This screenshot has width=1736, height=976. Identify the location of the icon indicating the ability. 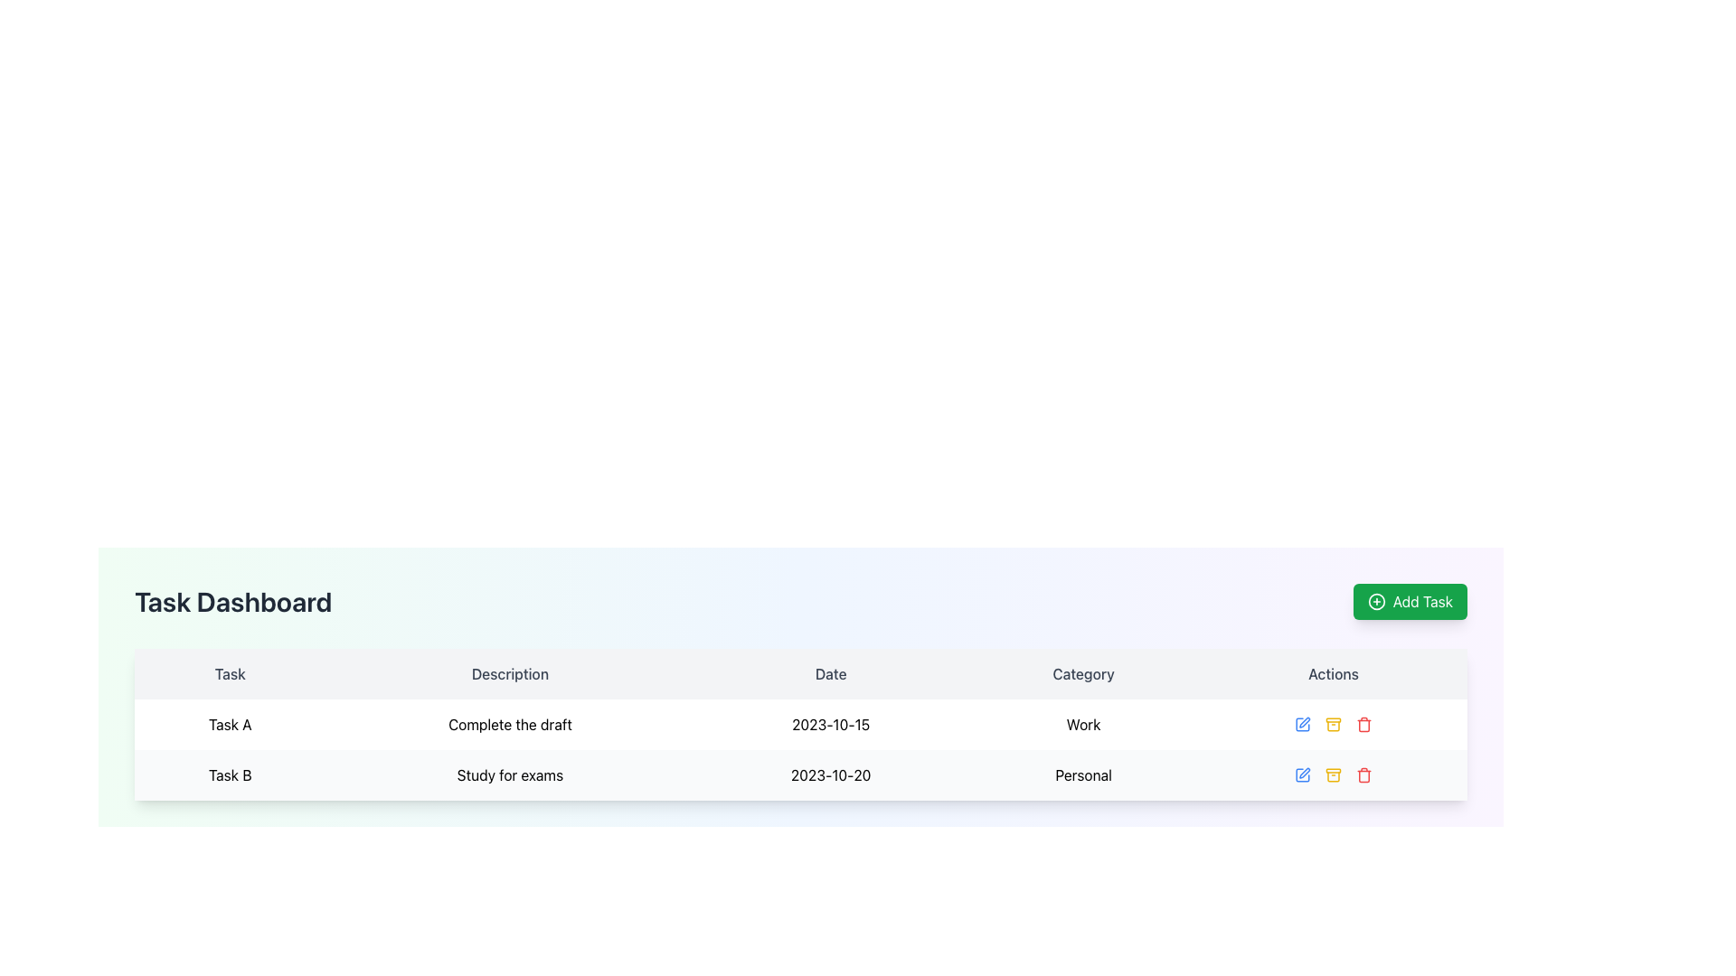
(1375, 602).